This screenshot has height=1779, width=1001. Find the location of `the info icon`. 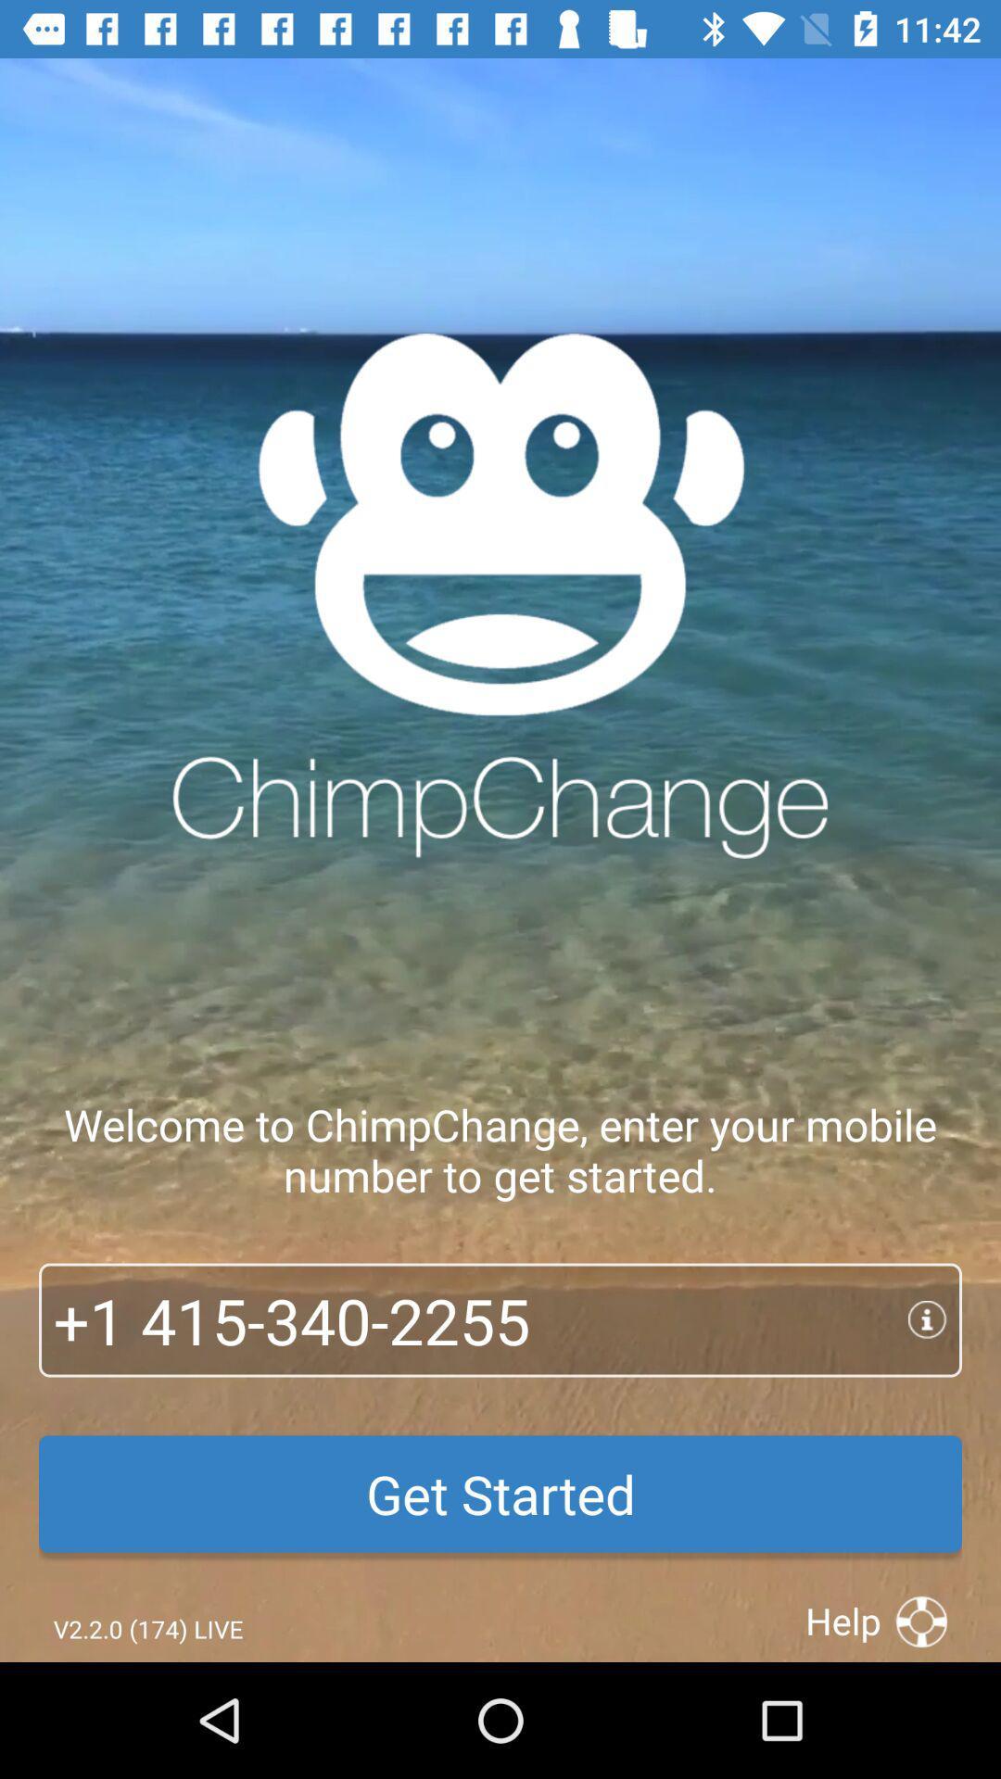

the info icon is located at coordinates (935, 1319).